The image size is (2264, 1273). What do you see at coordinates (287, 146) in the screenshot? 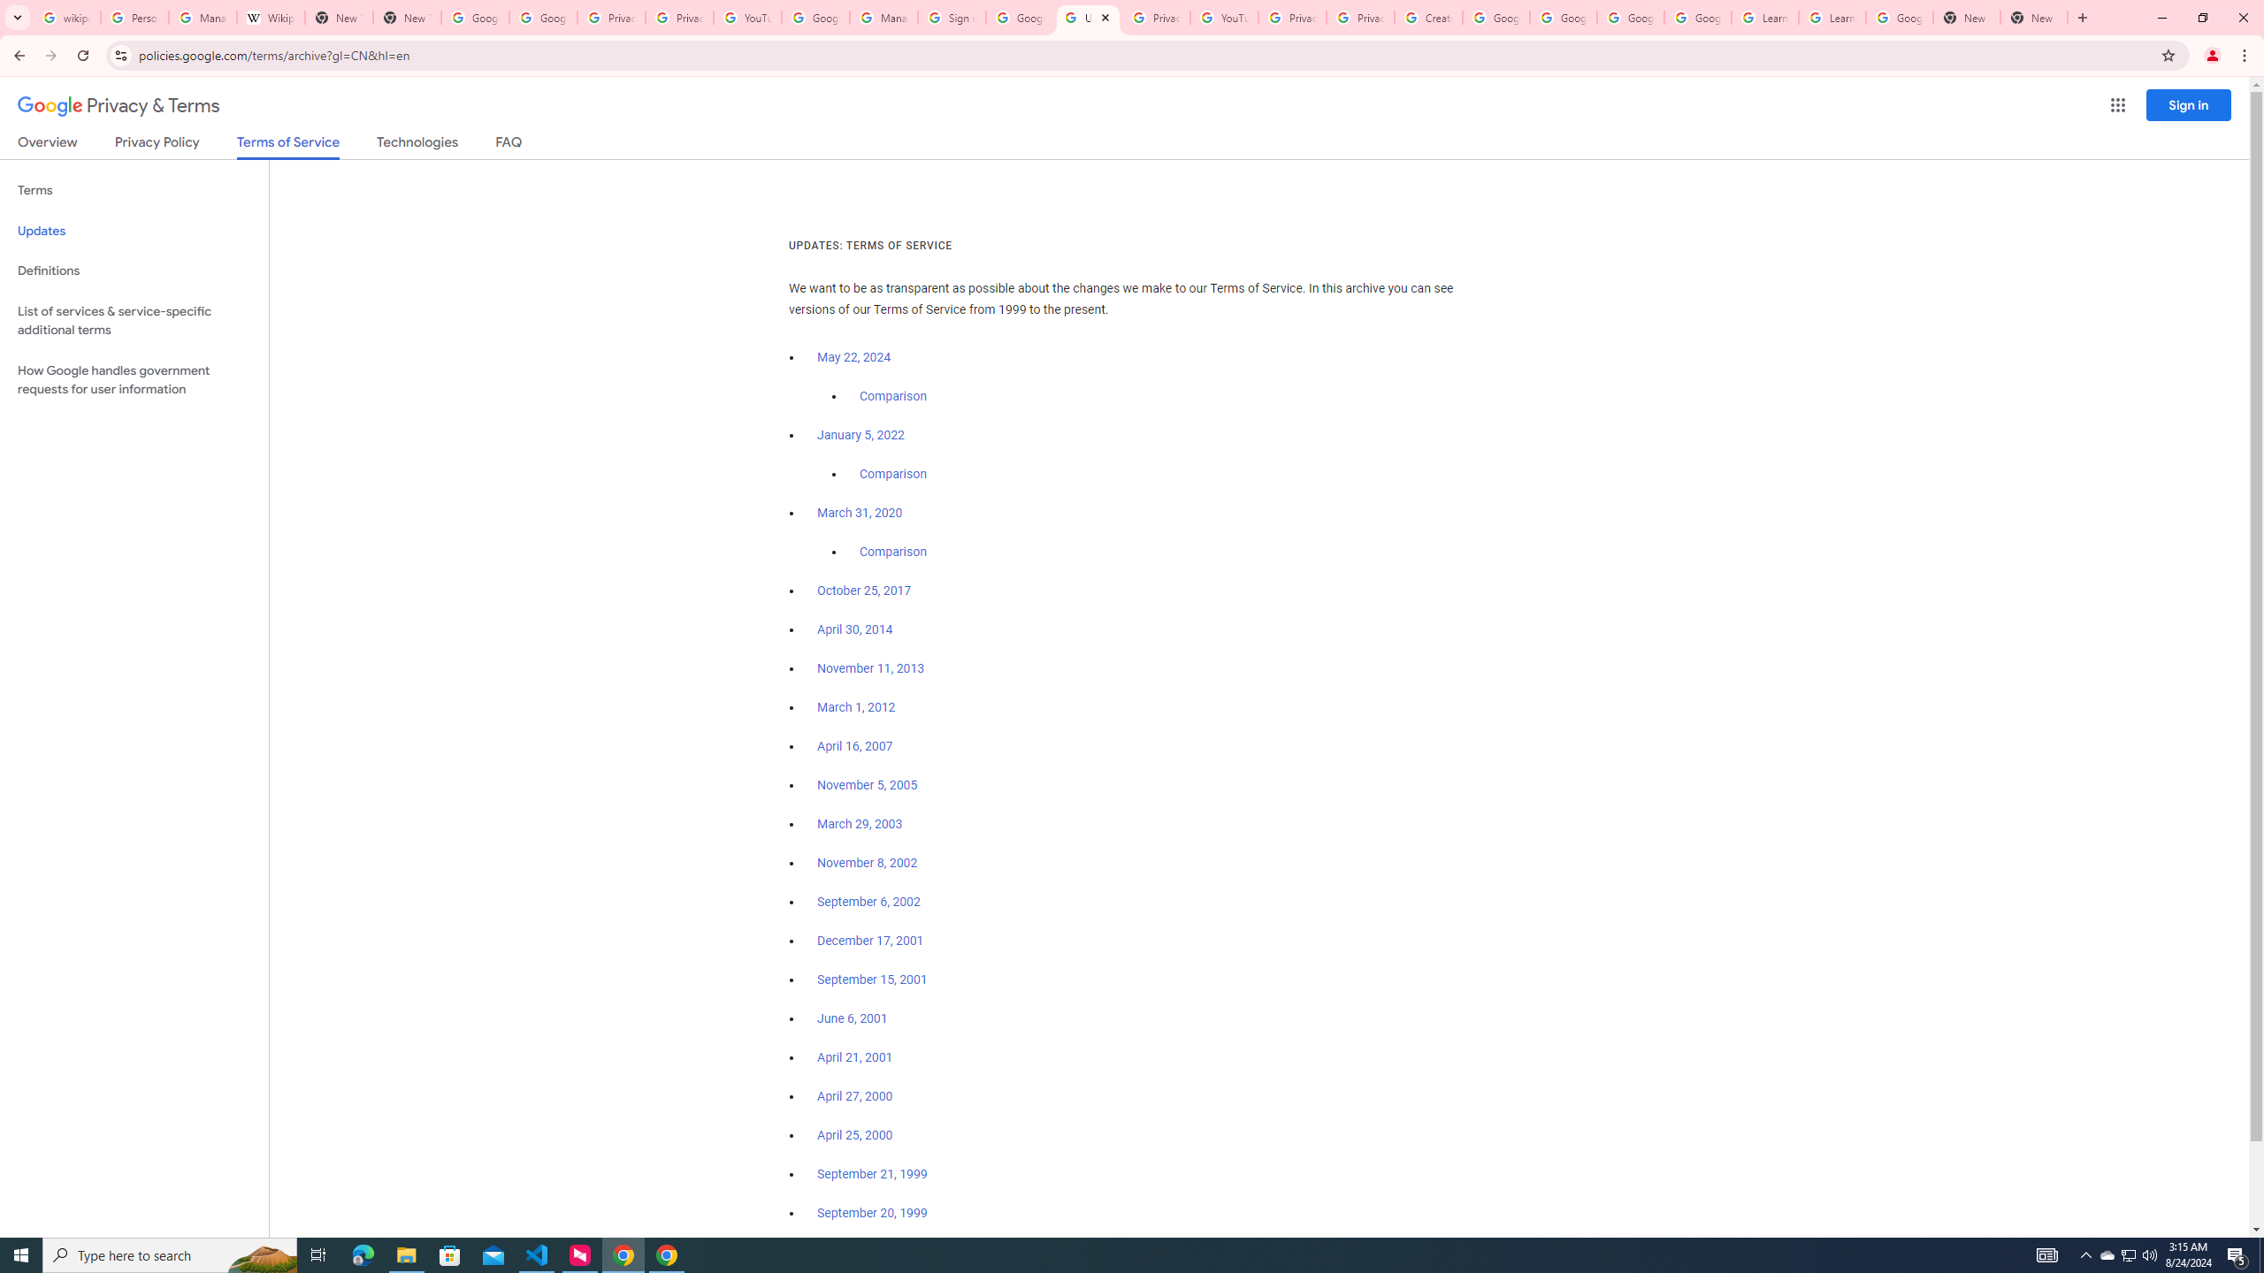
I see `'Terms of Service'` at bounding box center [287, 146].